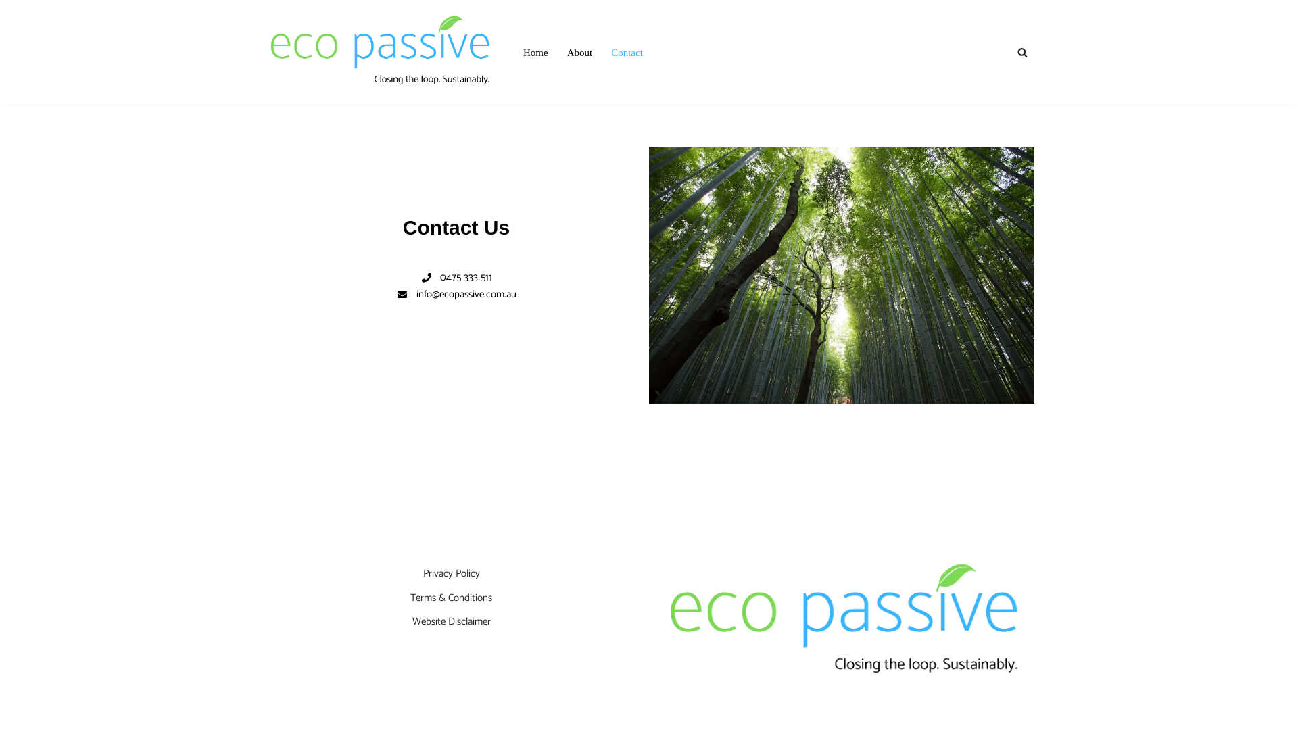  Describe the element at coordinates (456, 293) in the screenshot. I see `'info@ecopassive.com.au'` at that location.